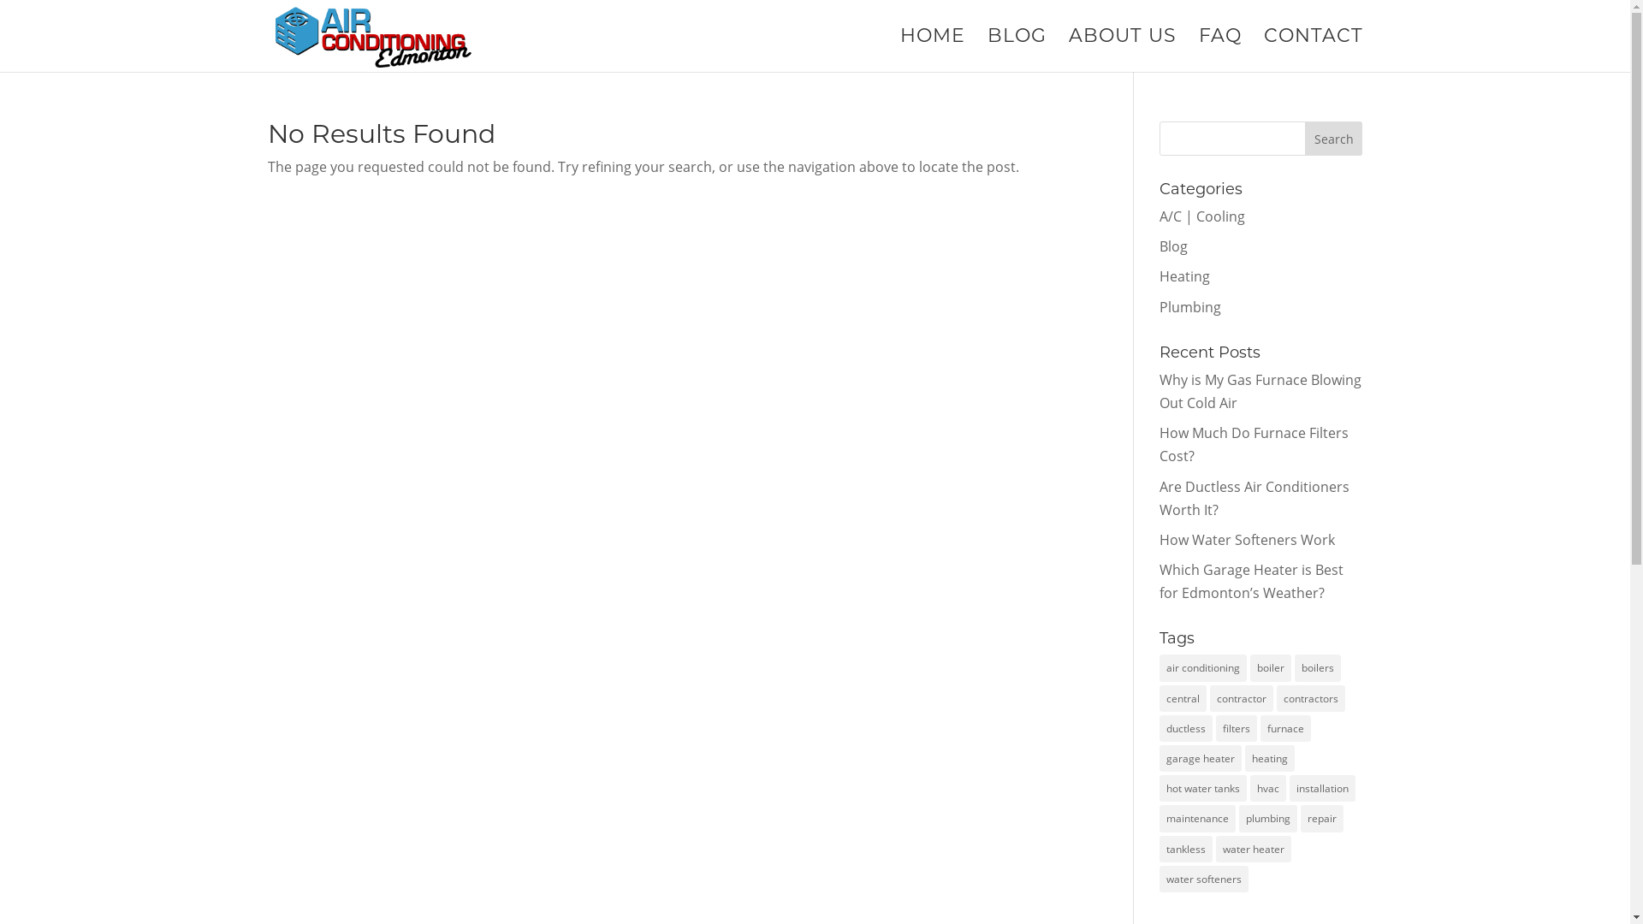  I want to click on 'Are Ductless Air Conditioners Worth It?', so click(1254, 498).